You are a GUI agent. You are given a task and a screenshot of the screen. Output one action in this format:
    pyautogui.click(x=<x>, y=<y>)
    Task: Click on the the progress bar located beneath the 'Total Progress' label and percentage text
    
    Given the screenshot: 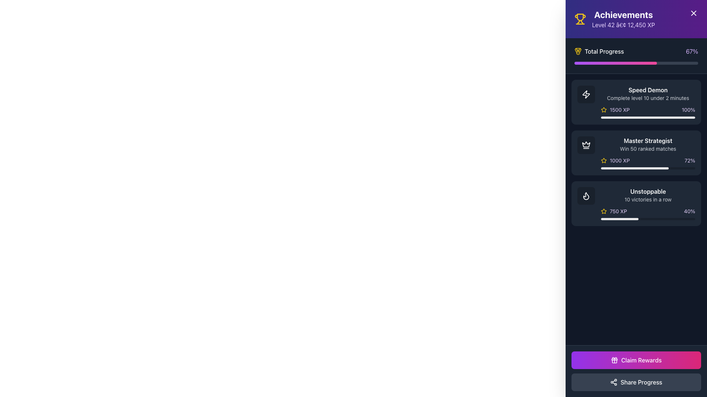 What is the action you would take?
    pyautogui.click(x=636, y=63)
    